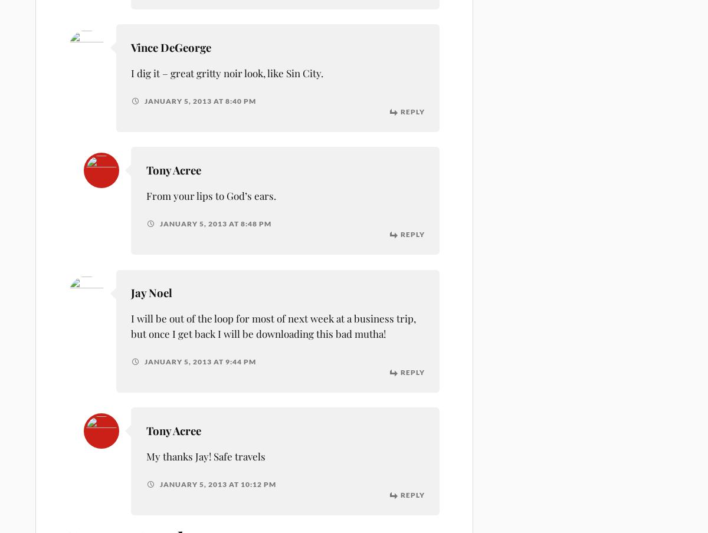  I want to click on 'January 5, 2013 at 8:48 pm', so click(157, 222).